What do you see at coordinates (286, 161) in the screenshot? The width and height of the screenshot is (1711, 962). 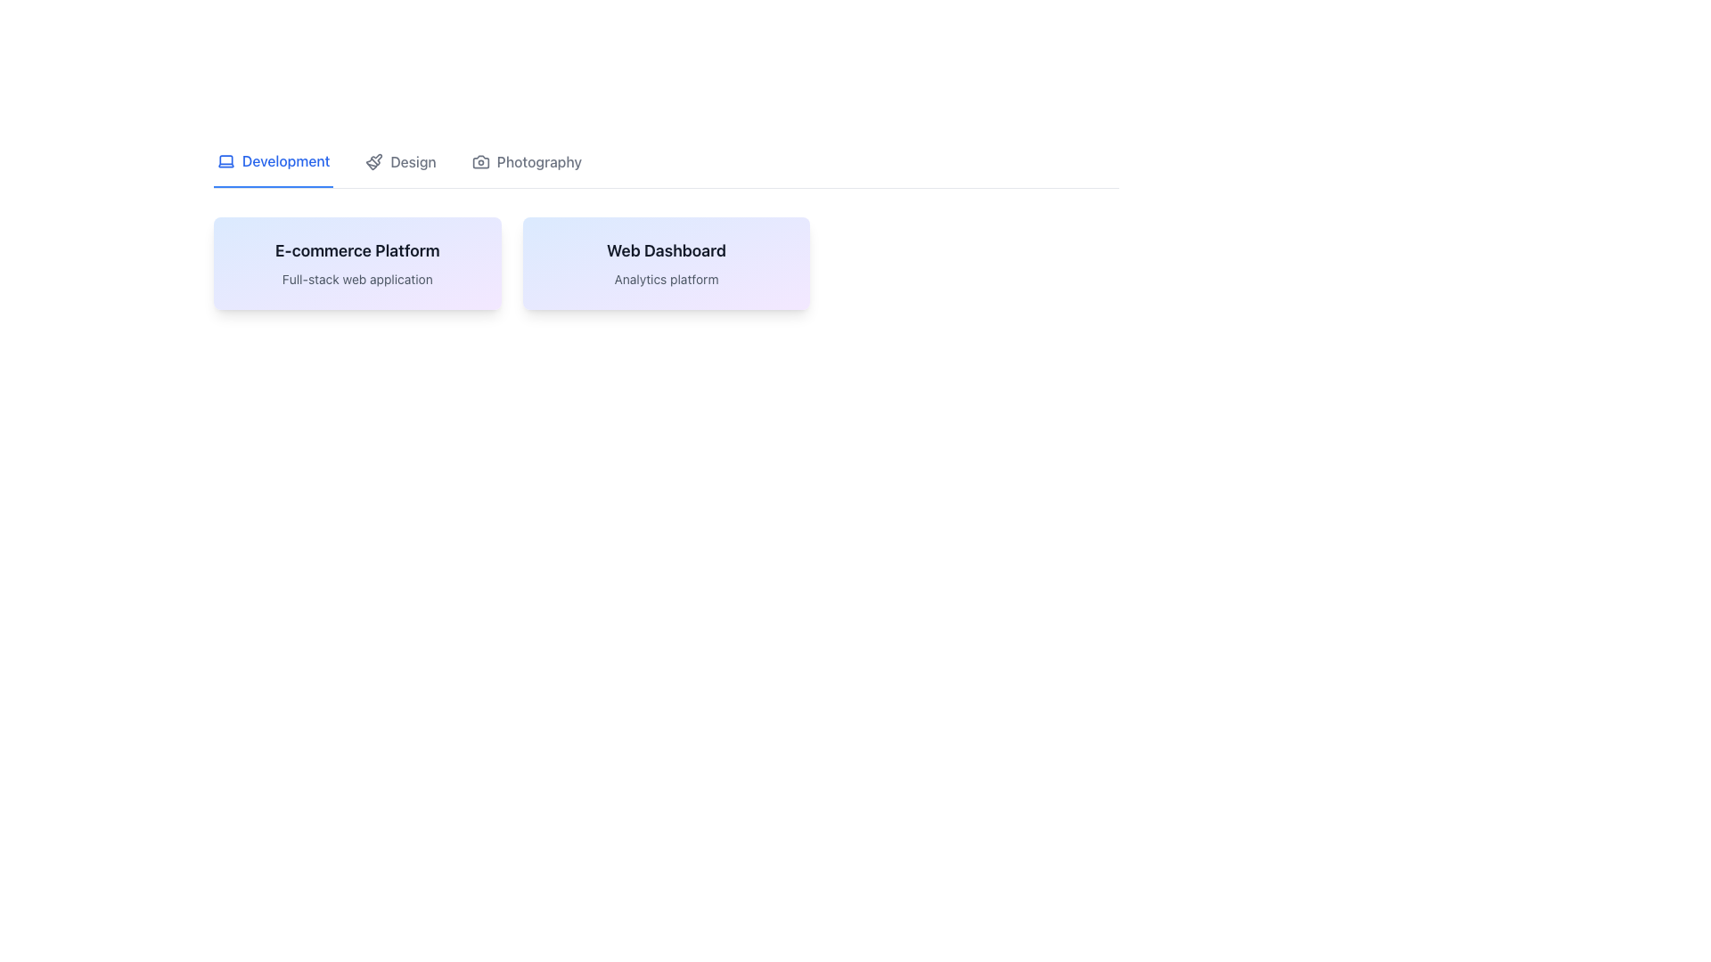 I see `the 'Development' Text Label located in the horizontal navigation bar` at bounding box center [286, 161].